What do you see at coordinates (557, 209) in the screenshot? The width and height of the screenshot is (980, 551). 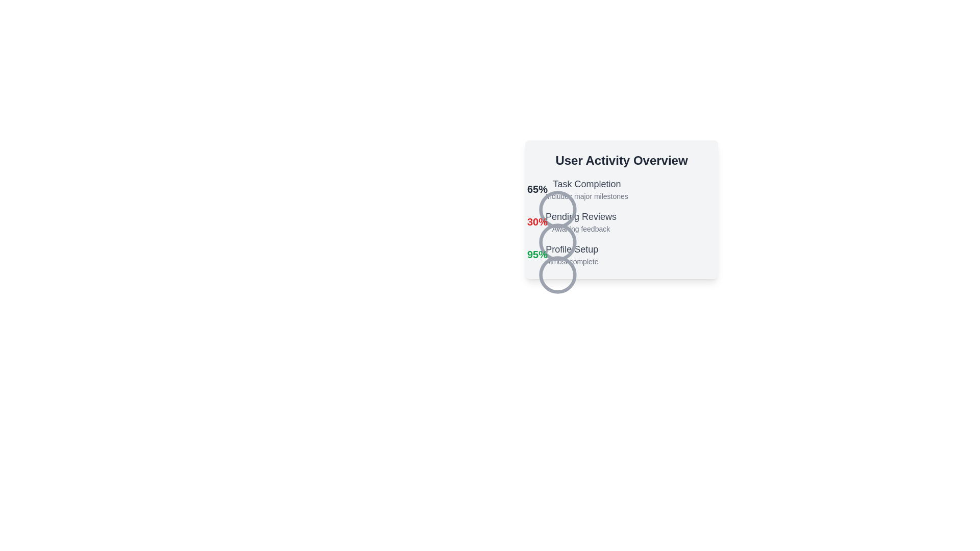 I see `the circular graphic marker associated with the 'Pending Reviews' label in the 'User Activity Overview' section` at bounding box center [557, 209].